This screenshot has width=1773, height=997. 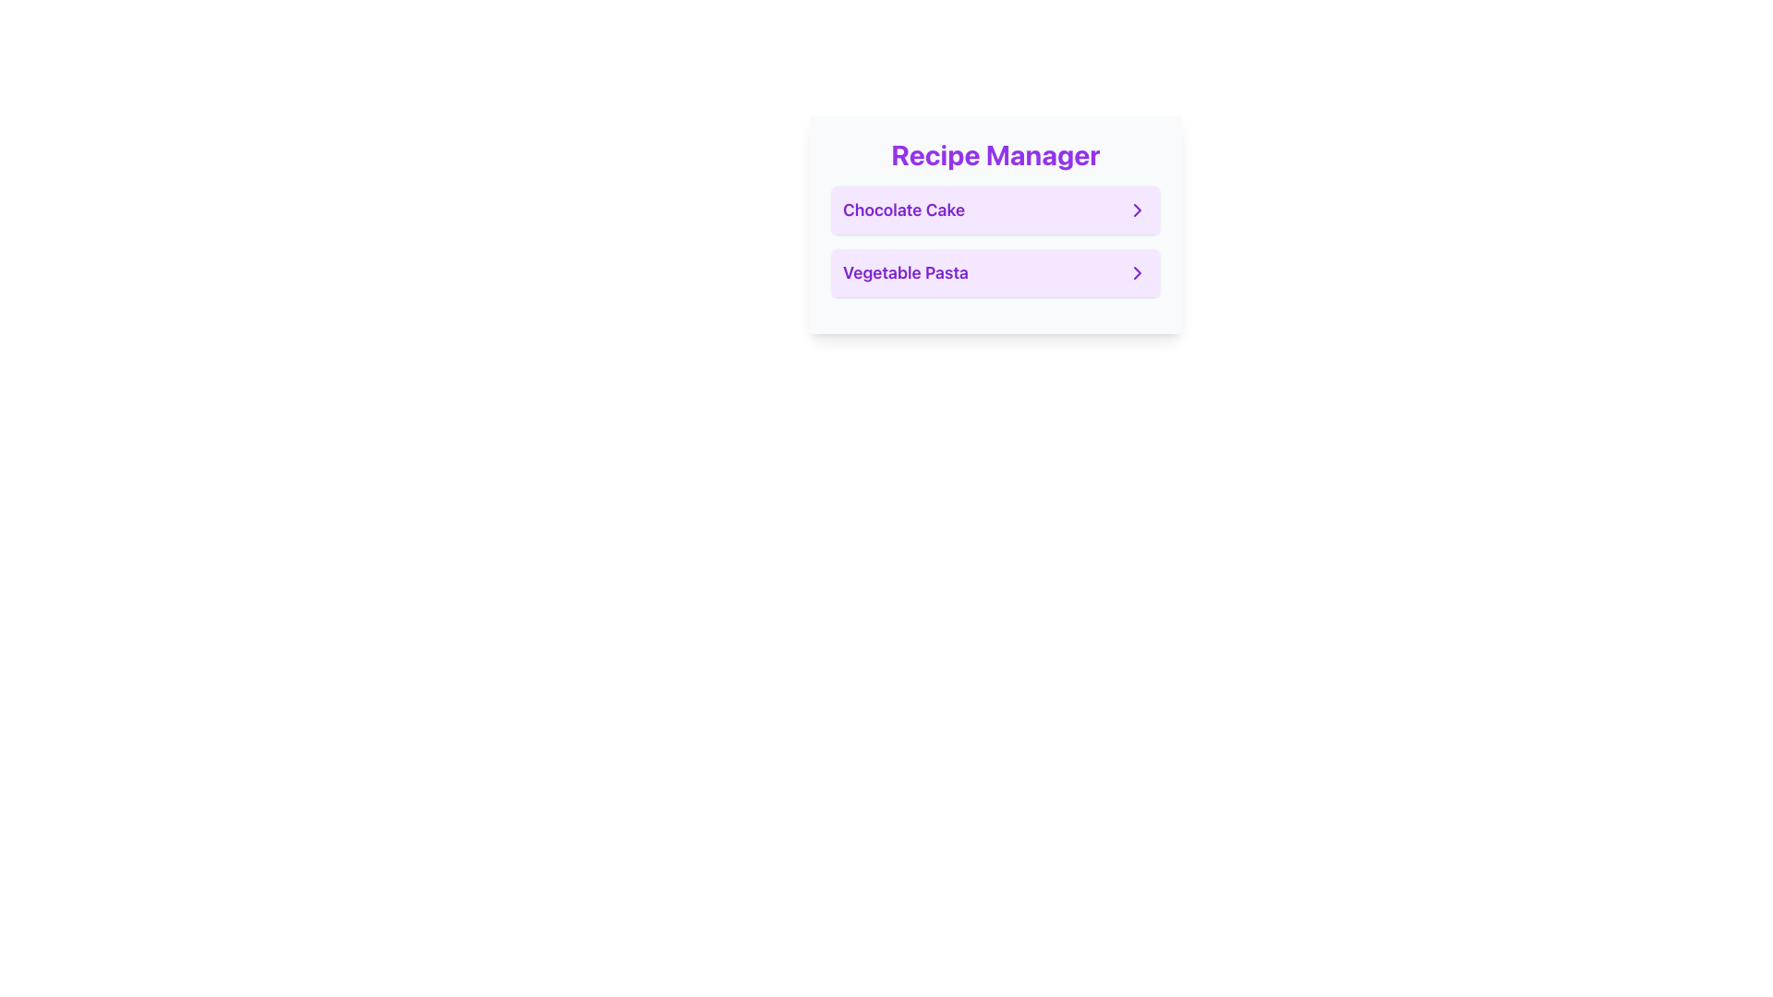 I want to click on the right-pointing chevron icon within the 'Chocolate Cake' button, so click(x=1137, y=209).